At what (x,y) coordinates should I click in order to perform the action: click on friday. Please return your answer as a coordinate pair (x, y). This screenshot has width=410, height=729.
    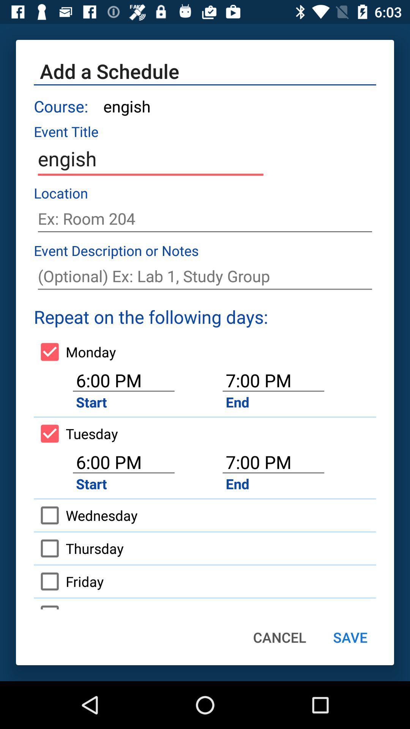
    Looking at the image, I should click on (69, 581).